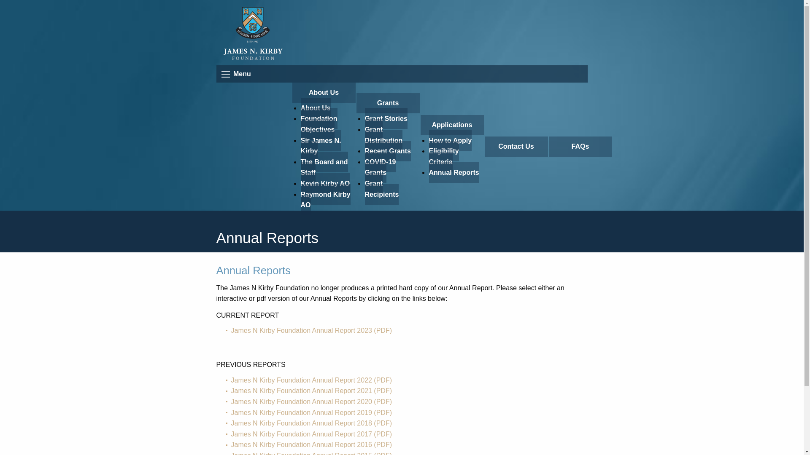 The width and height of the screenshot is (810, 455). I want to click on 'James N Kirby Foundation Annual Report 2023 (PDF)', so click(311, 330).